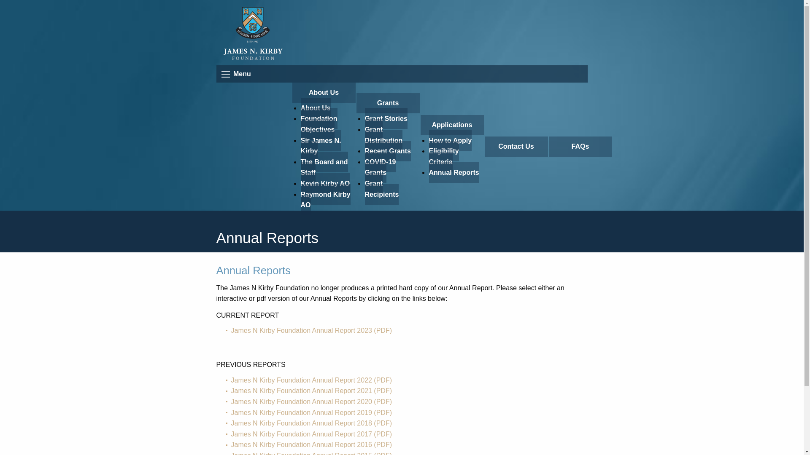 The width and height of the screenshot is (810, 455). I want to click on 'James N Kirby Foundation Annual Report 2023 (PDF)', so click(311, 330).